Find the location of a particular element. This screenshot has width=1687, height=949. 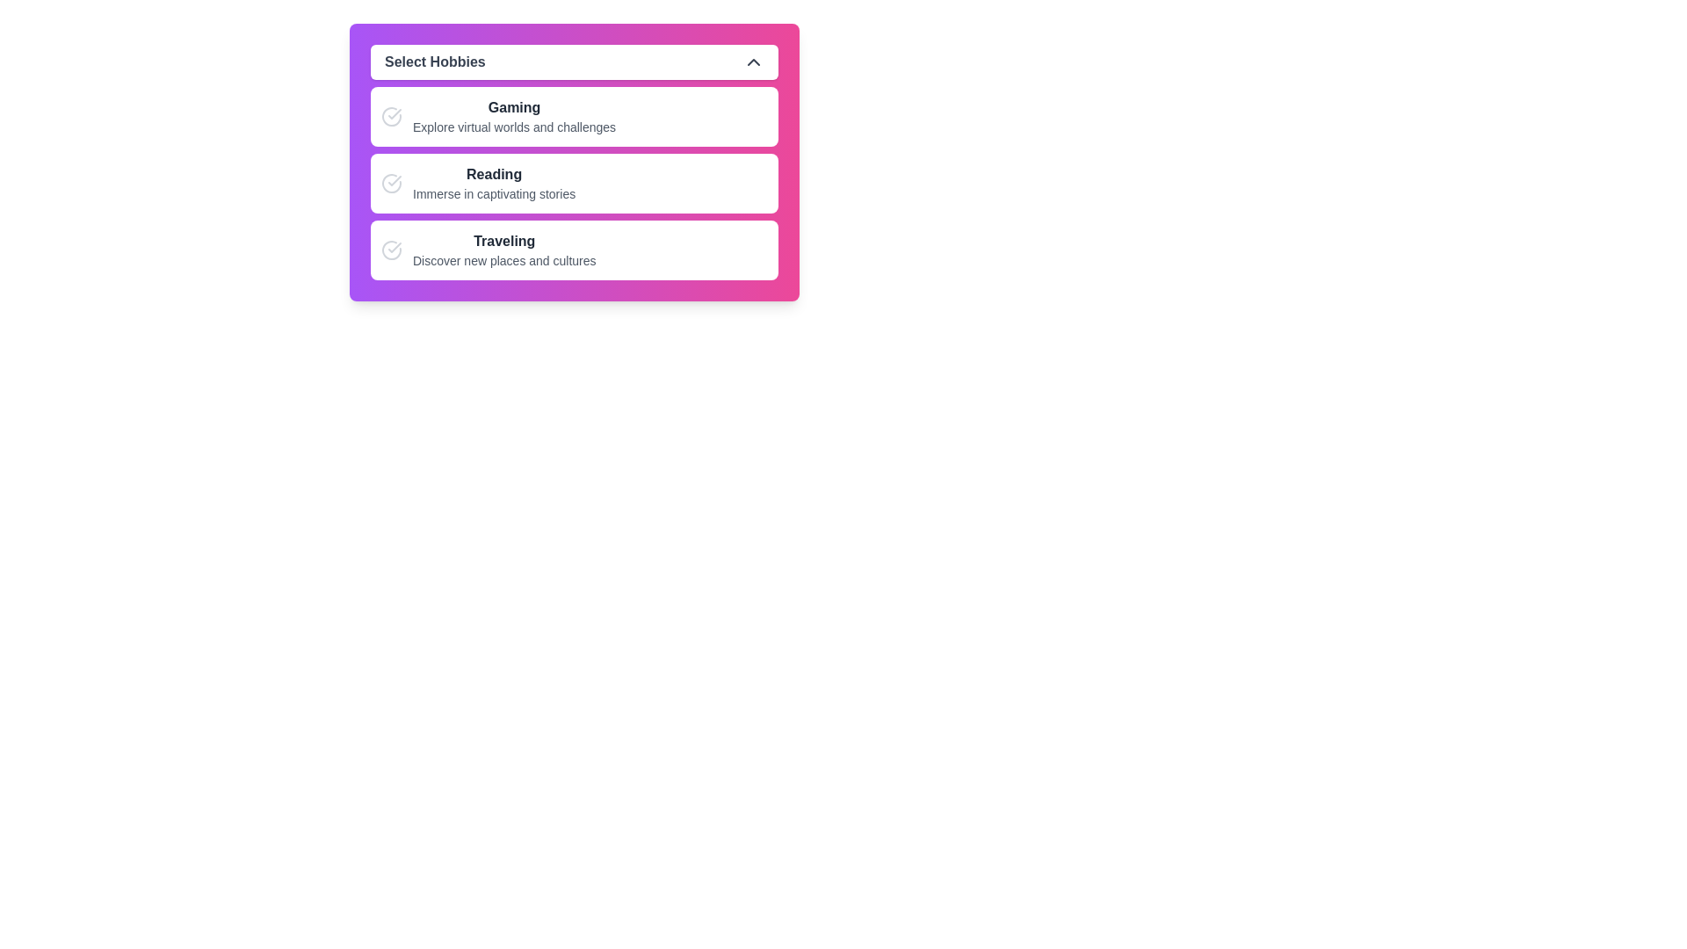

the upward-pointing chevron icon located at the top right corner of the 'Select Hobbies' button is located at coordinates (754, 61).